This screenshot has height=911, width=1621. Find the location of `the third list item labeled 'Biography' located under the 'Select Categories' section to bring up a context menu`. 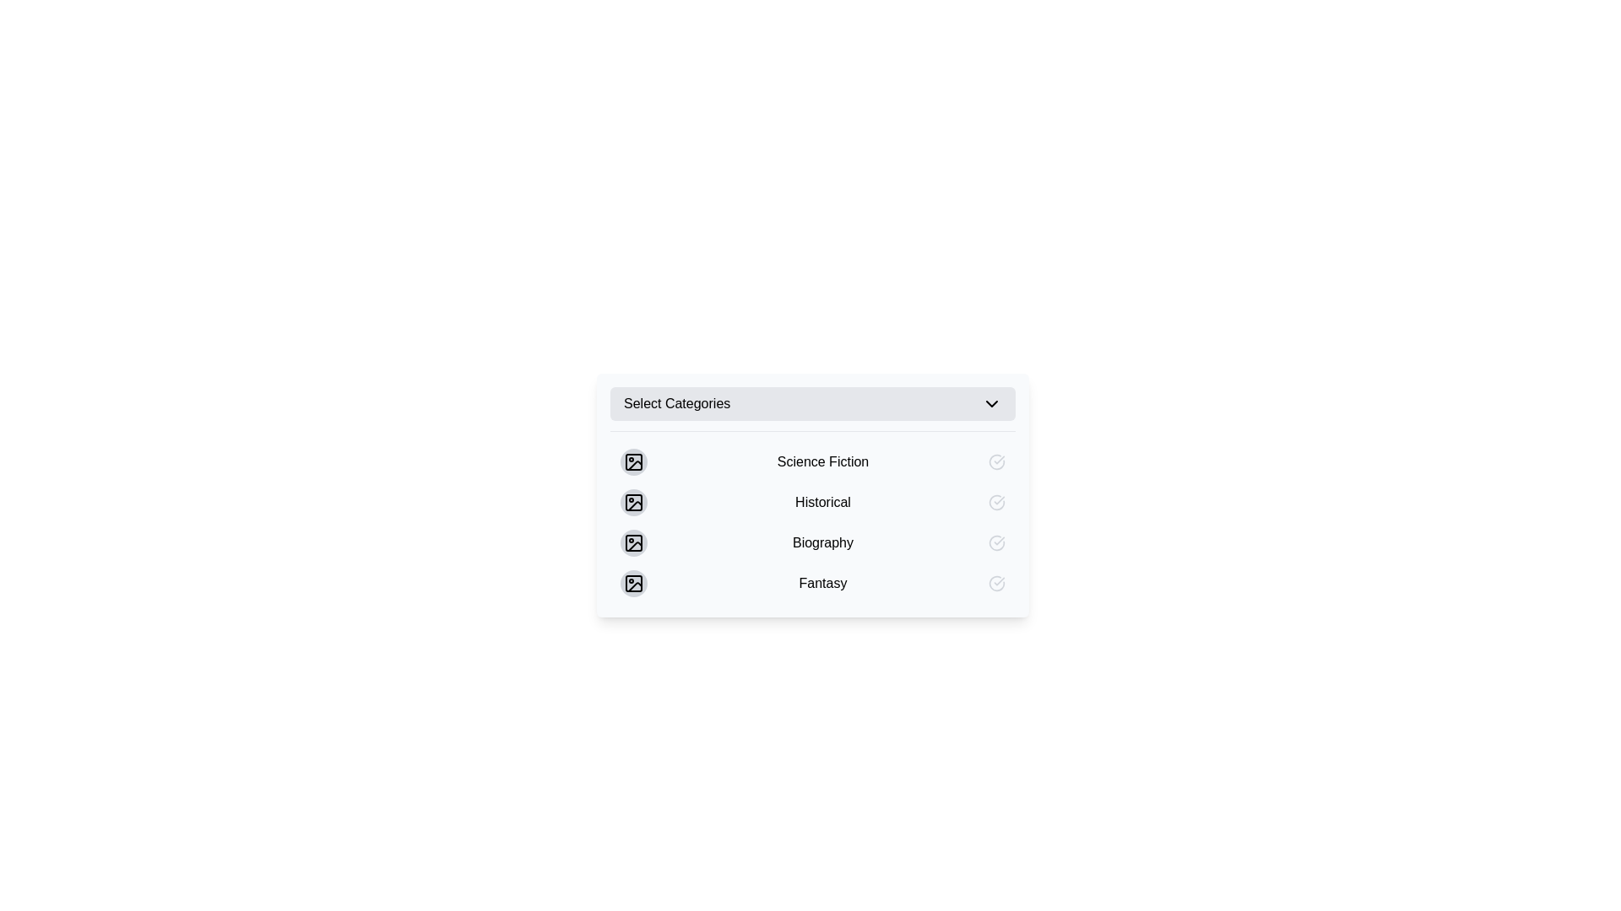

the third list item labeled 'Biography' located under the 'Select Categories' section to bring up a context menu is located at coordinates (813, 543).